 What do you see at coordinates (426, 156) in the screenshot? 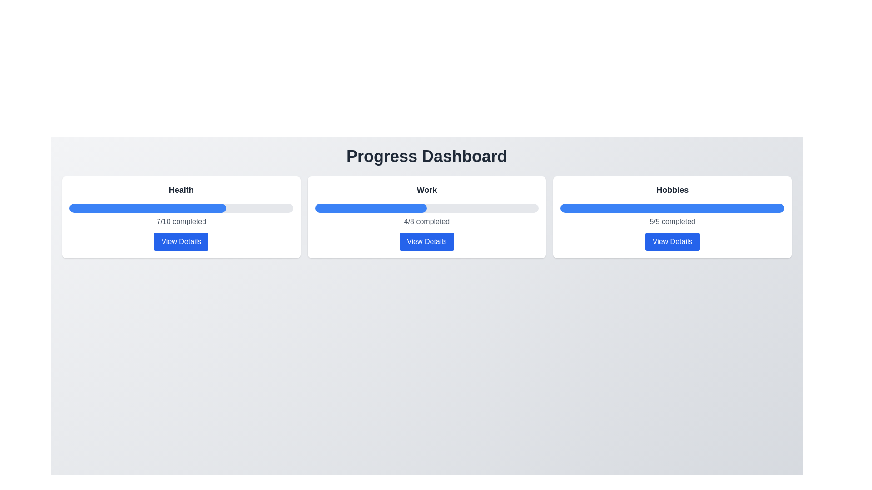
I see `the 'Progress Dashboard' text header, which is a bold and large font heading located at the top center of the content area` at bounding box center [426, 156].